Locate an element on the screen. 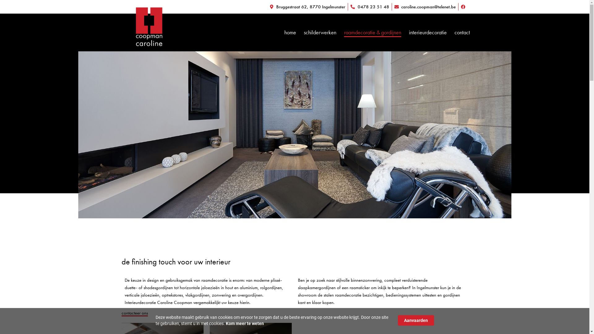 The width and height of the screenshot is (594, 334). 'interieurdecoratie' is located at coordinates (427, 32).